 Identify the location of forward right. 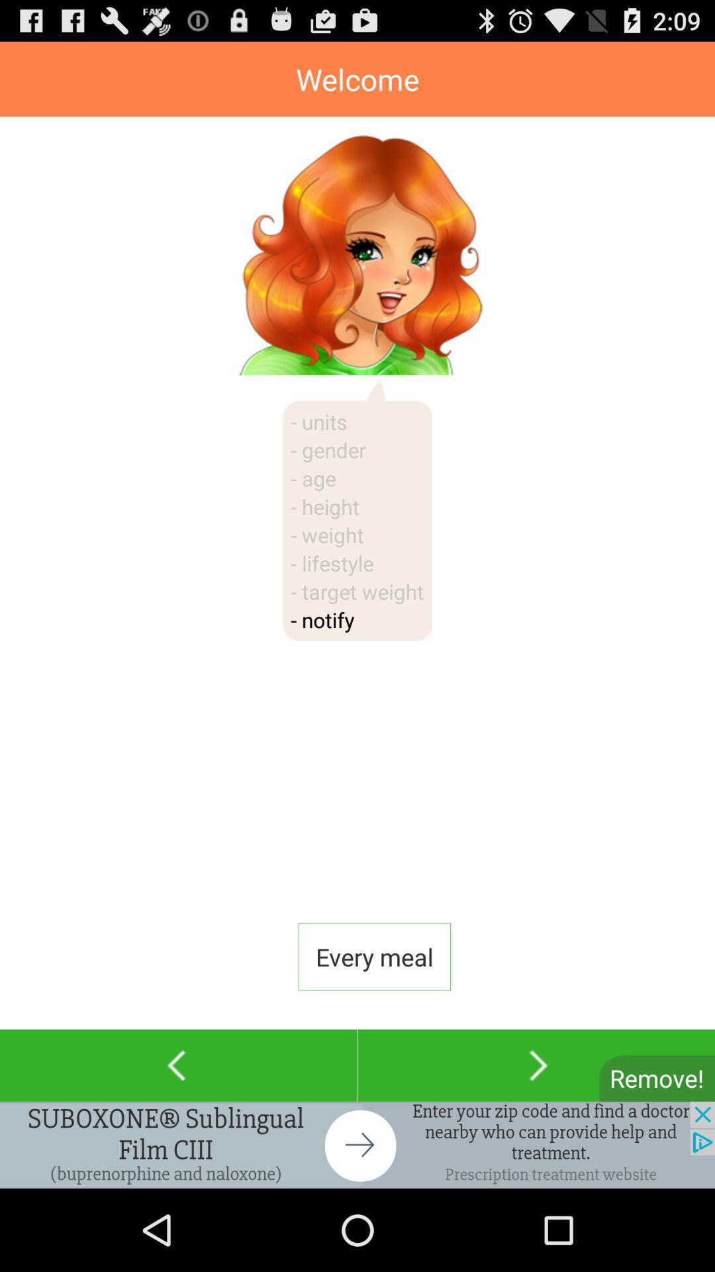
(536, 1065).